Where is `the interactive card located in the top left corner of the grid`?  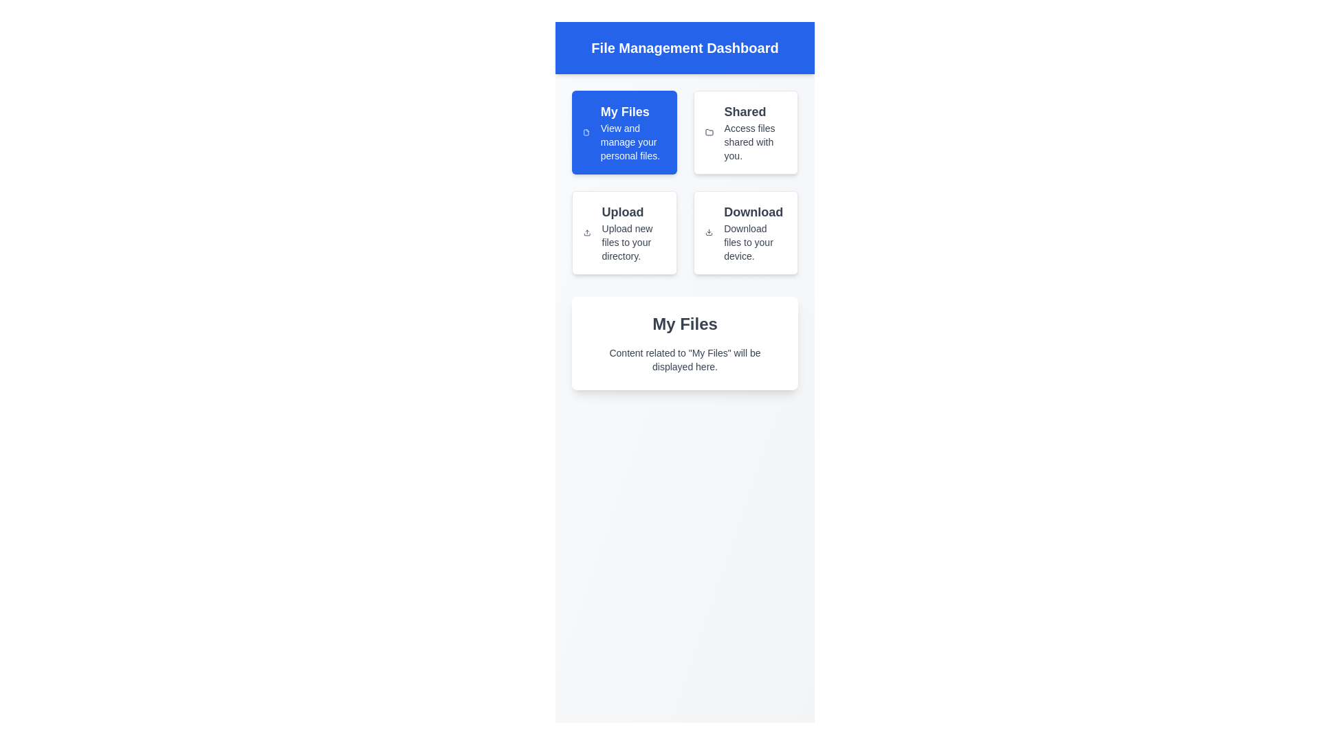 the interactive card located in the top left corner of the grid is located at coordinates (623, 132).